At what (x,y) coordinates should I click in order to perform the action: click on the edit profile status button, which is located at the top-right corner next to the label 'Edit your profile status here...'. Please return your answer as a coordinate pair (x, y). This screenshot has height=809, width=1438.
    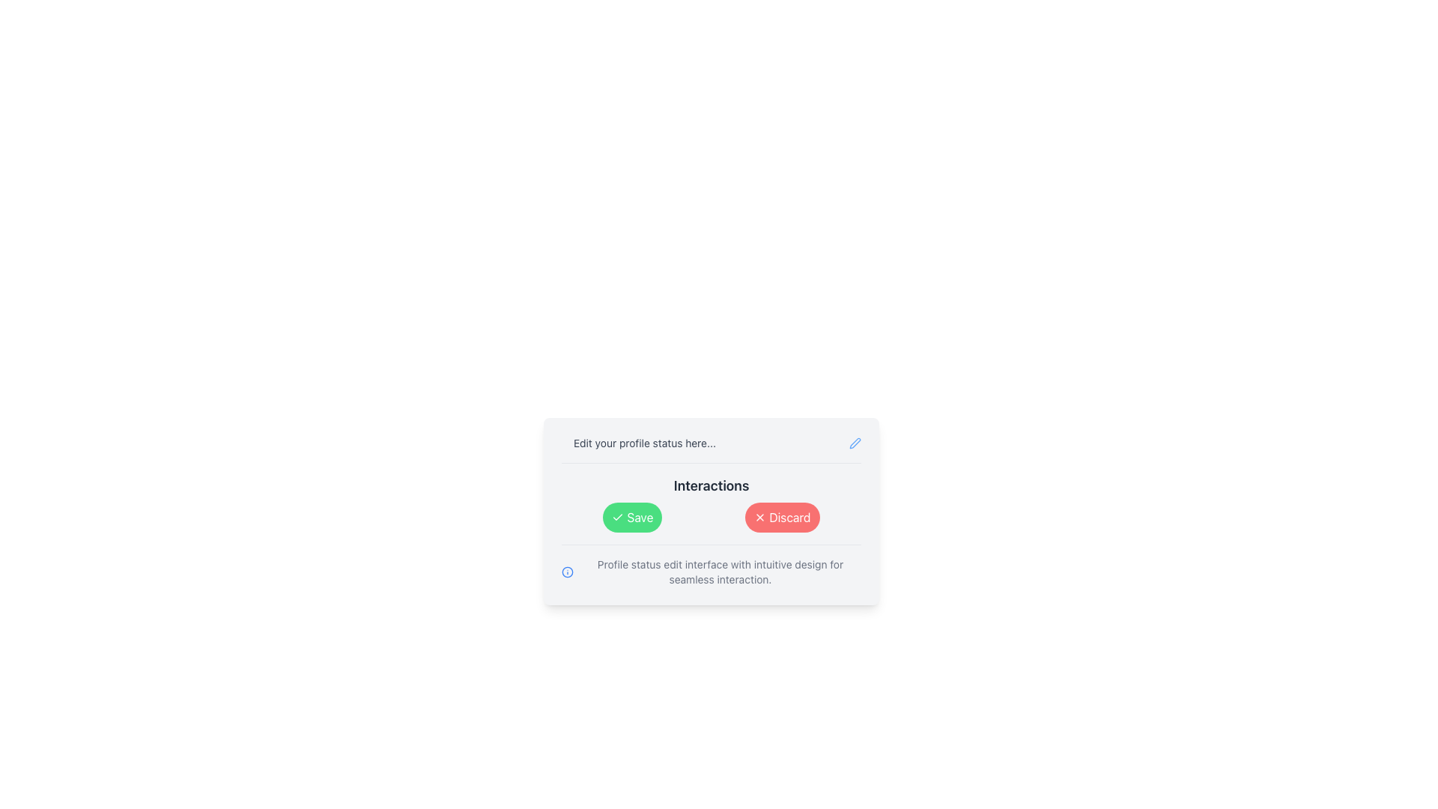
    Looking at the image, I should click on (855, 442).